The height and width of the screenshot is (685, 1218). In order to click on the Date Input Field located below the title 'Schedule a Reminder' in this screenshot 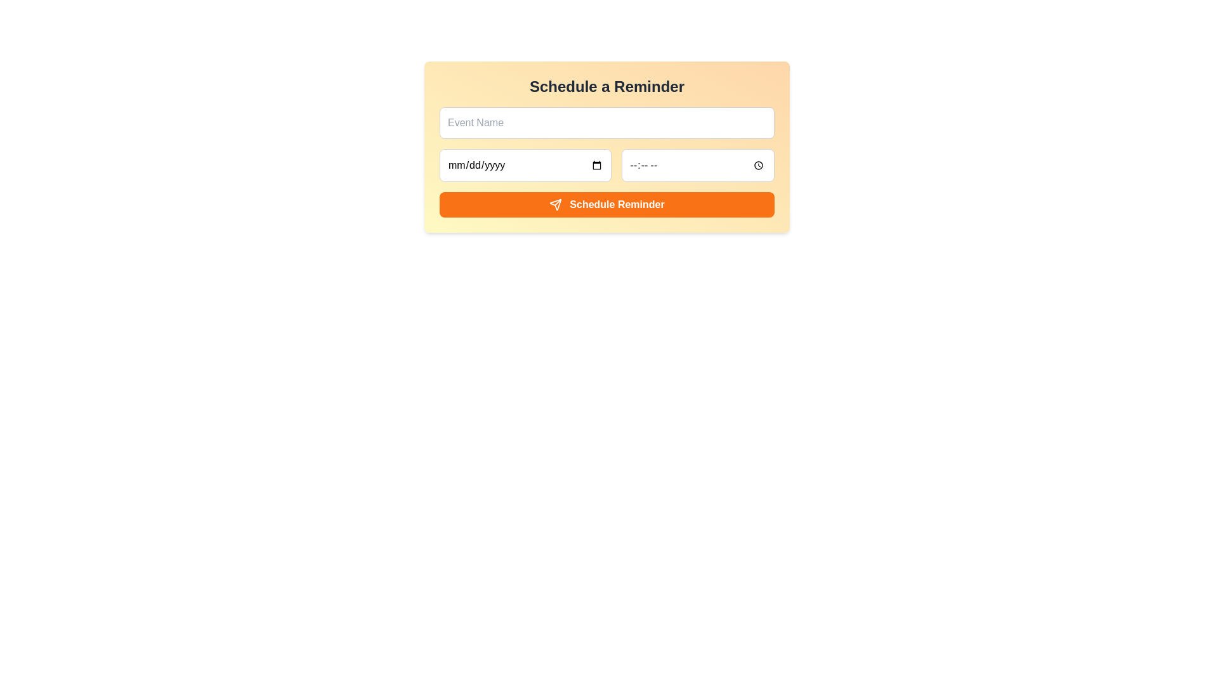, I will do `click(525, 165)`.